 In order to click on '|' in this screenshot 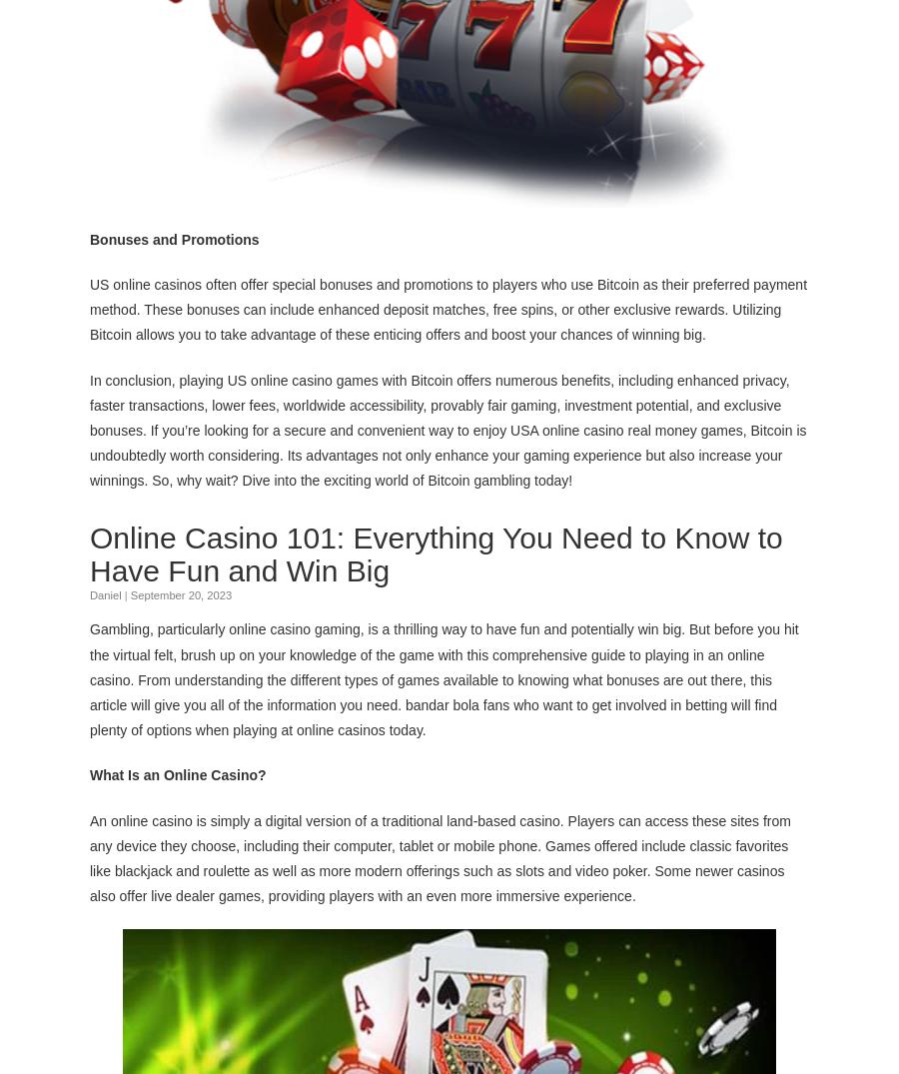, I will do `click(124, 593)`.